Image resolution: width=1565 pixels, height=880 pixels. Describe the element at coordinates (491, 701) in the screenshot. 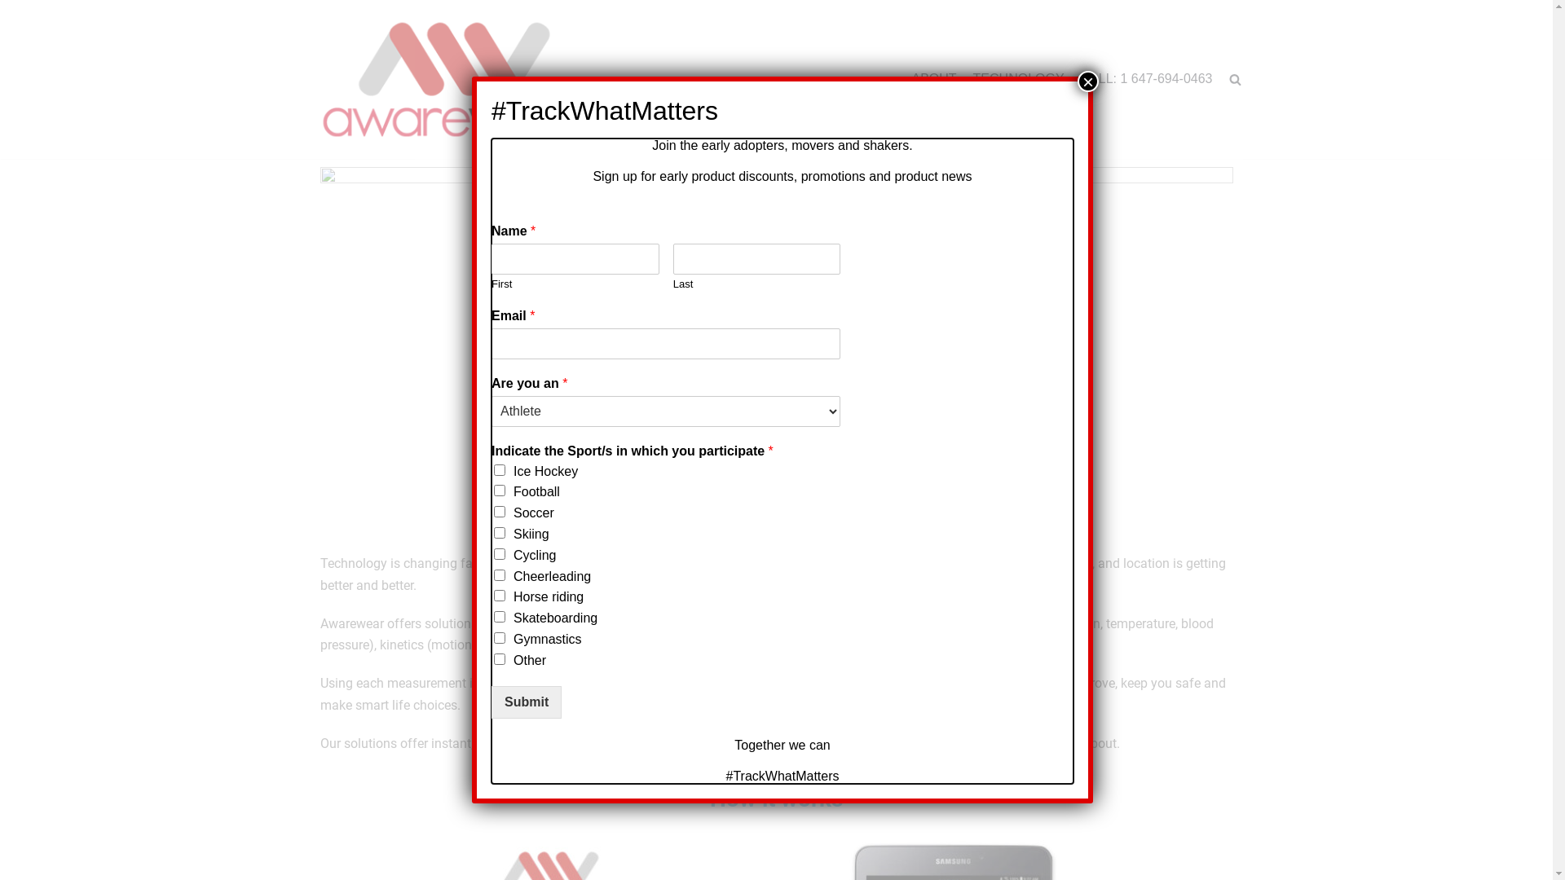

I see `'Submit'` at that location.